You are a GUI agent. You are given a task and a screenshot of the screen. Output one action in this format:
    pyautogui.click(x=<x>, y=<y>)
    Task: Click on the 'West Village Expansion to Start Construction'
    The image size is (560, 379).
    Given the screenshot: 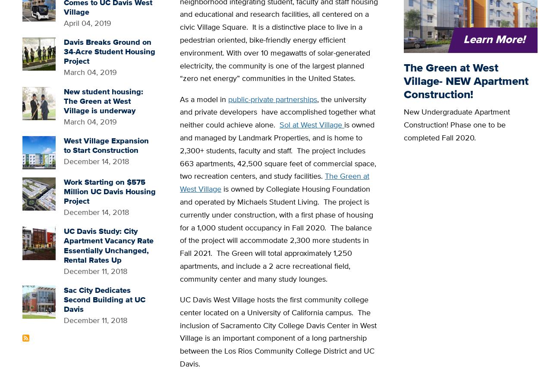 What is the action you would take?
    pyautogui.click(x=106, y=145)
    